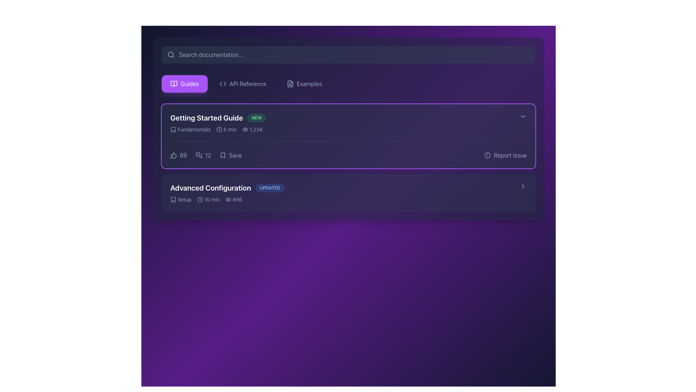 Image resolution: width=696 pixels, height=392 pixels. What do you see at coordinates (212, 200) in the screenshot?
I see `textual information of the Text label indicating the estimated time required for a specific action located in the 'Advanced Configuration' section, positioned to the right of a clock icon and above the numeric label displaying '856'` at bounding box center [212, 200].